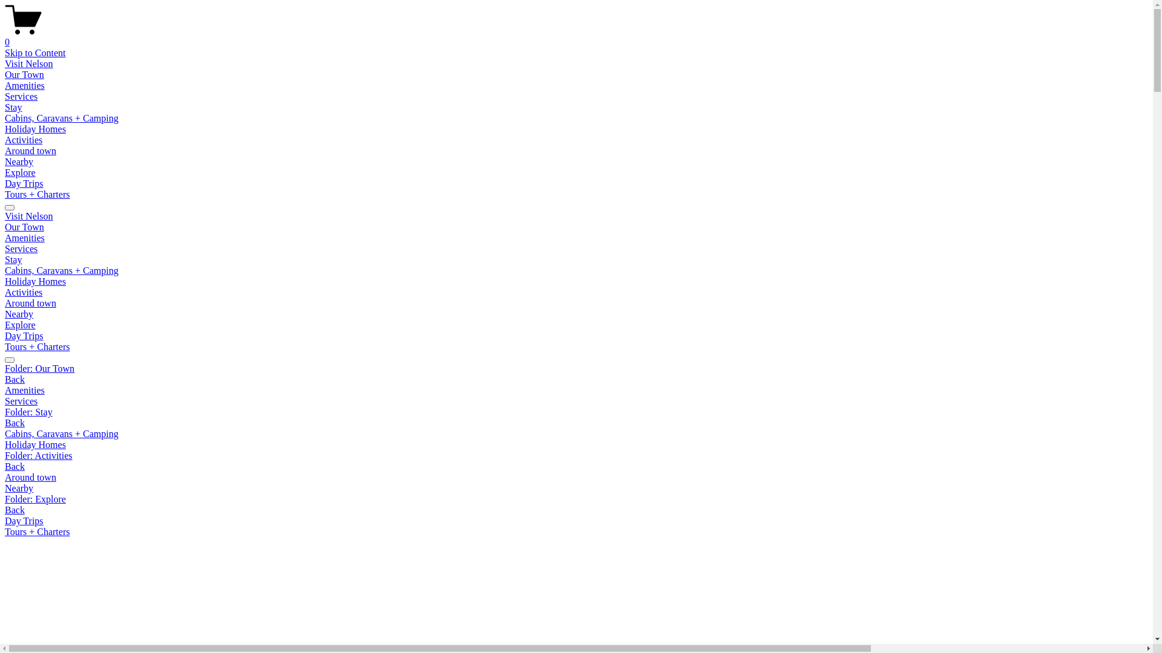 The image size is (1162, 653). Describe the element at coordinates (21, 96) in the screenshot. I see `'Services'` at that location.